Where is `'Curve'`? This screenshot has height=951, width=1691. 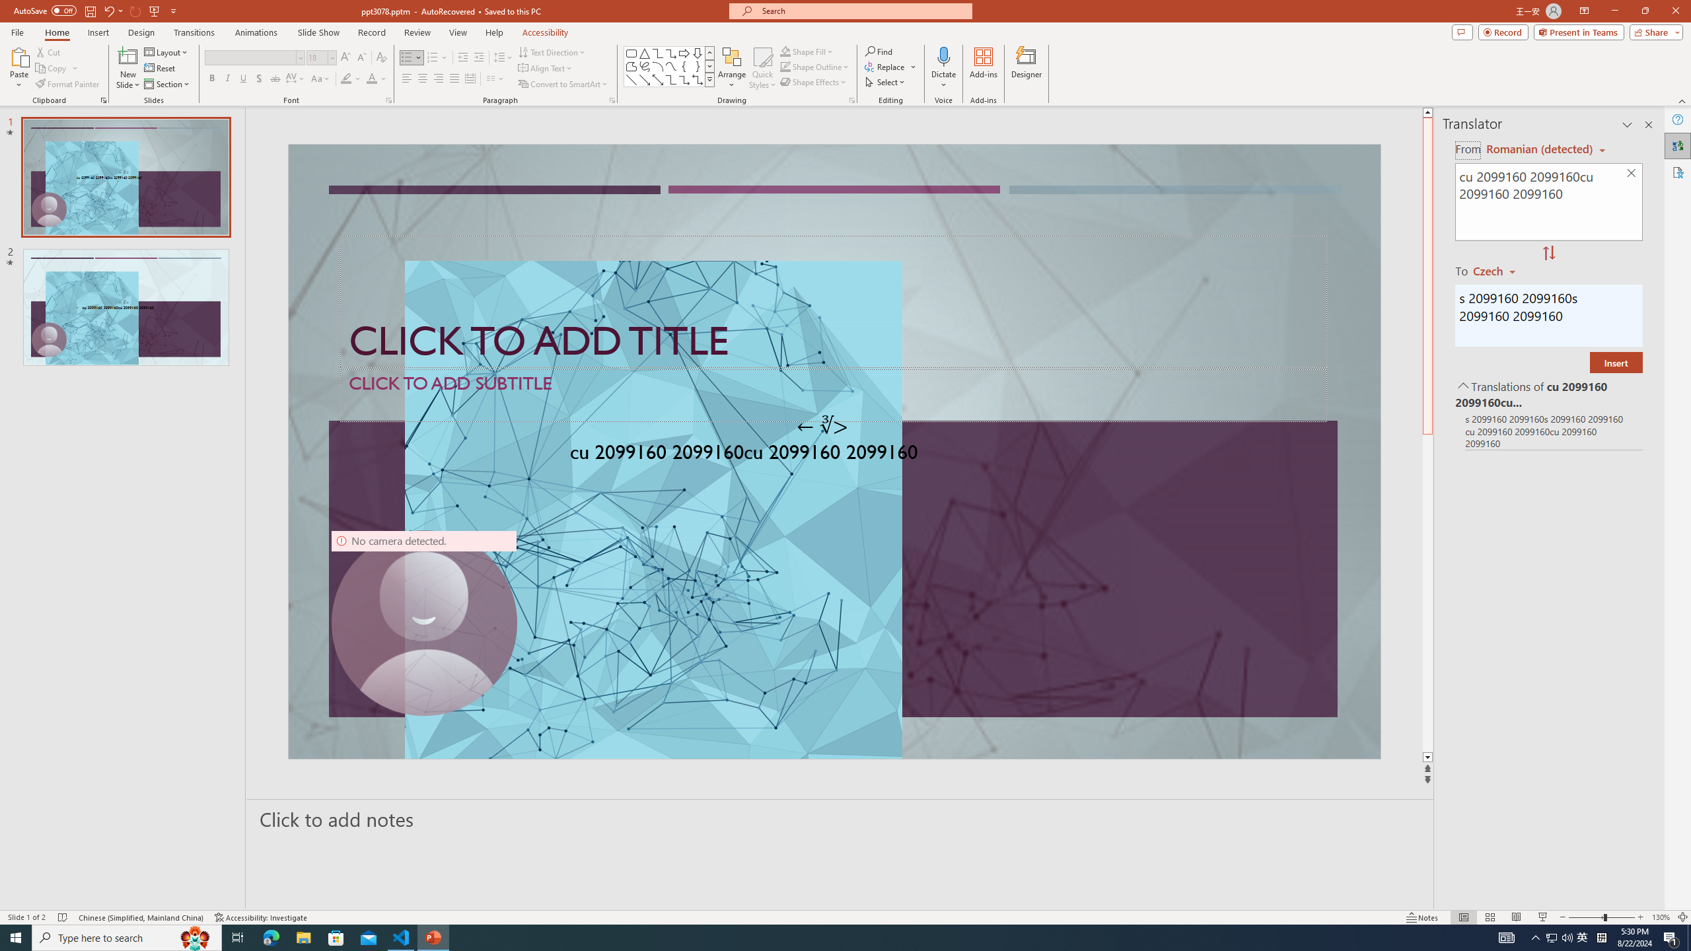 'Curve' is located at coordinates (670, 65).